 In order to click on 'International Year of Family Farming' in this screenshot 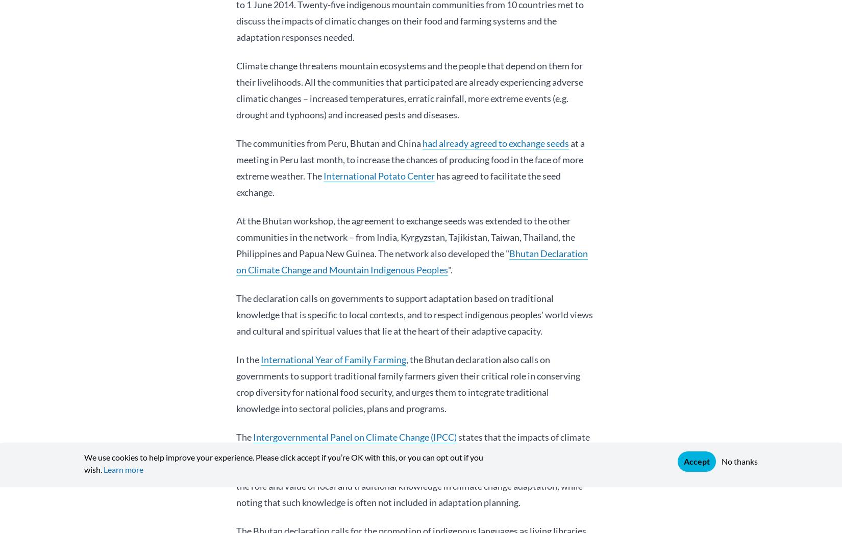, I will do `click(333, 359)`.